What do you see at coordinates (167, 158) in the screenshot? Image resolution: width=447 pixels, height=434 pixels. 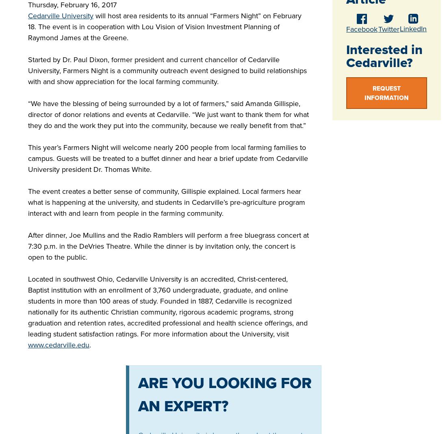 I see `'This year’s Farmers Night will welcome nearly 200 people from local farming families to campus. Guests will be treated to a buffet dinner and hear a brief update from Cedarville University president Dr. Thomas White.'` at bounding box center [167, 158].